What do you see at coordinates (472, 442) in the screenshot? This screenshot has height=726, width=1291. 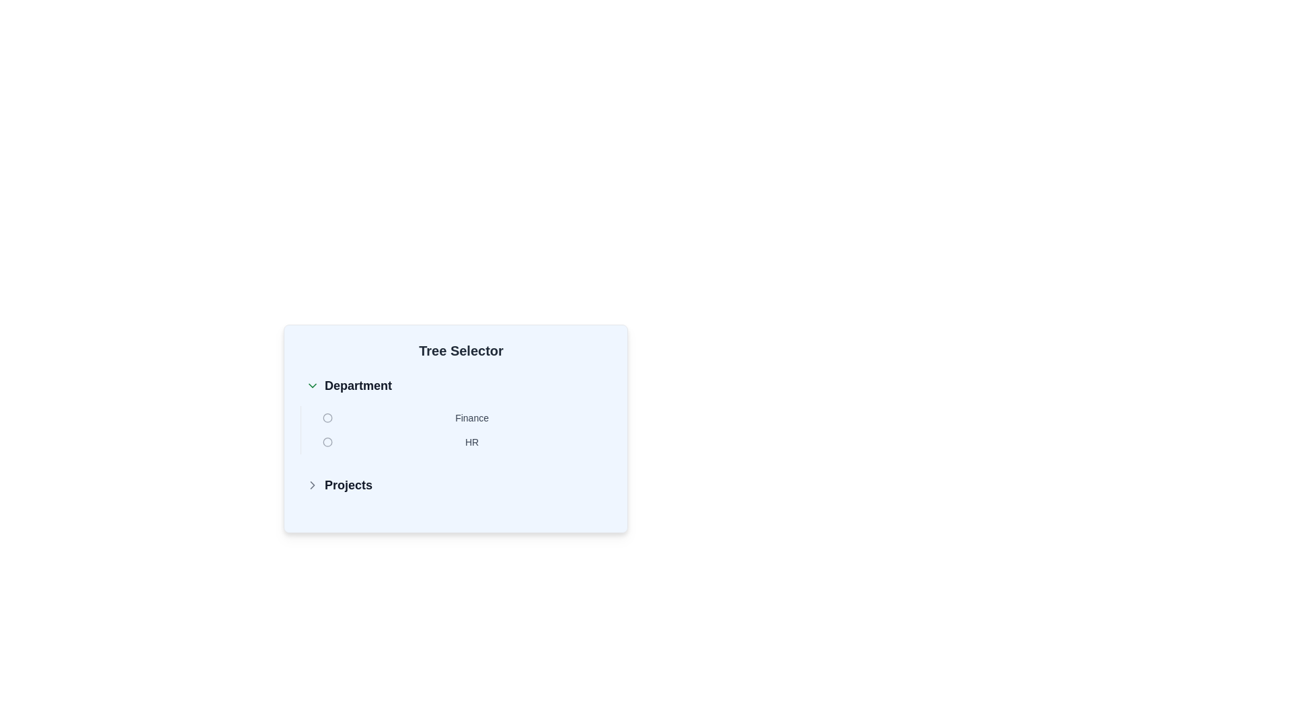 I see `'HR' label in the tree selector under the 'Department' category, which is the second option below 'Finance'` at bounding box center [472, 442].